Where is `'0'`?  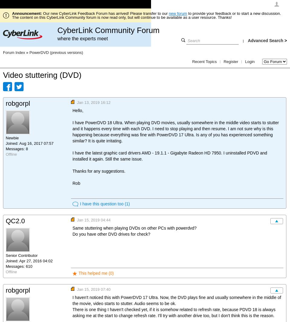
'0' is located at coordinates (111, 273).